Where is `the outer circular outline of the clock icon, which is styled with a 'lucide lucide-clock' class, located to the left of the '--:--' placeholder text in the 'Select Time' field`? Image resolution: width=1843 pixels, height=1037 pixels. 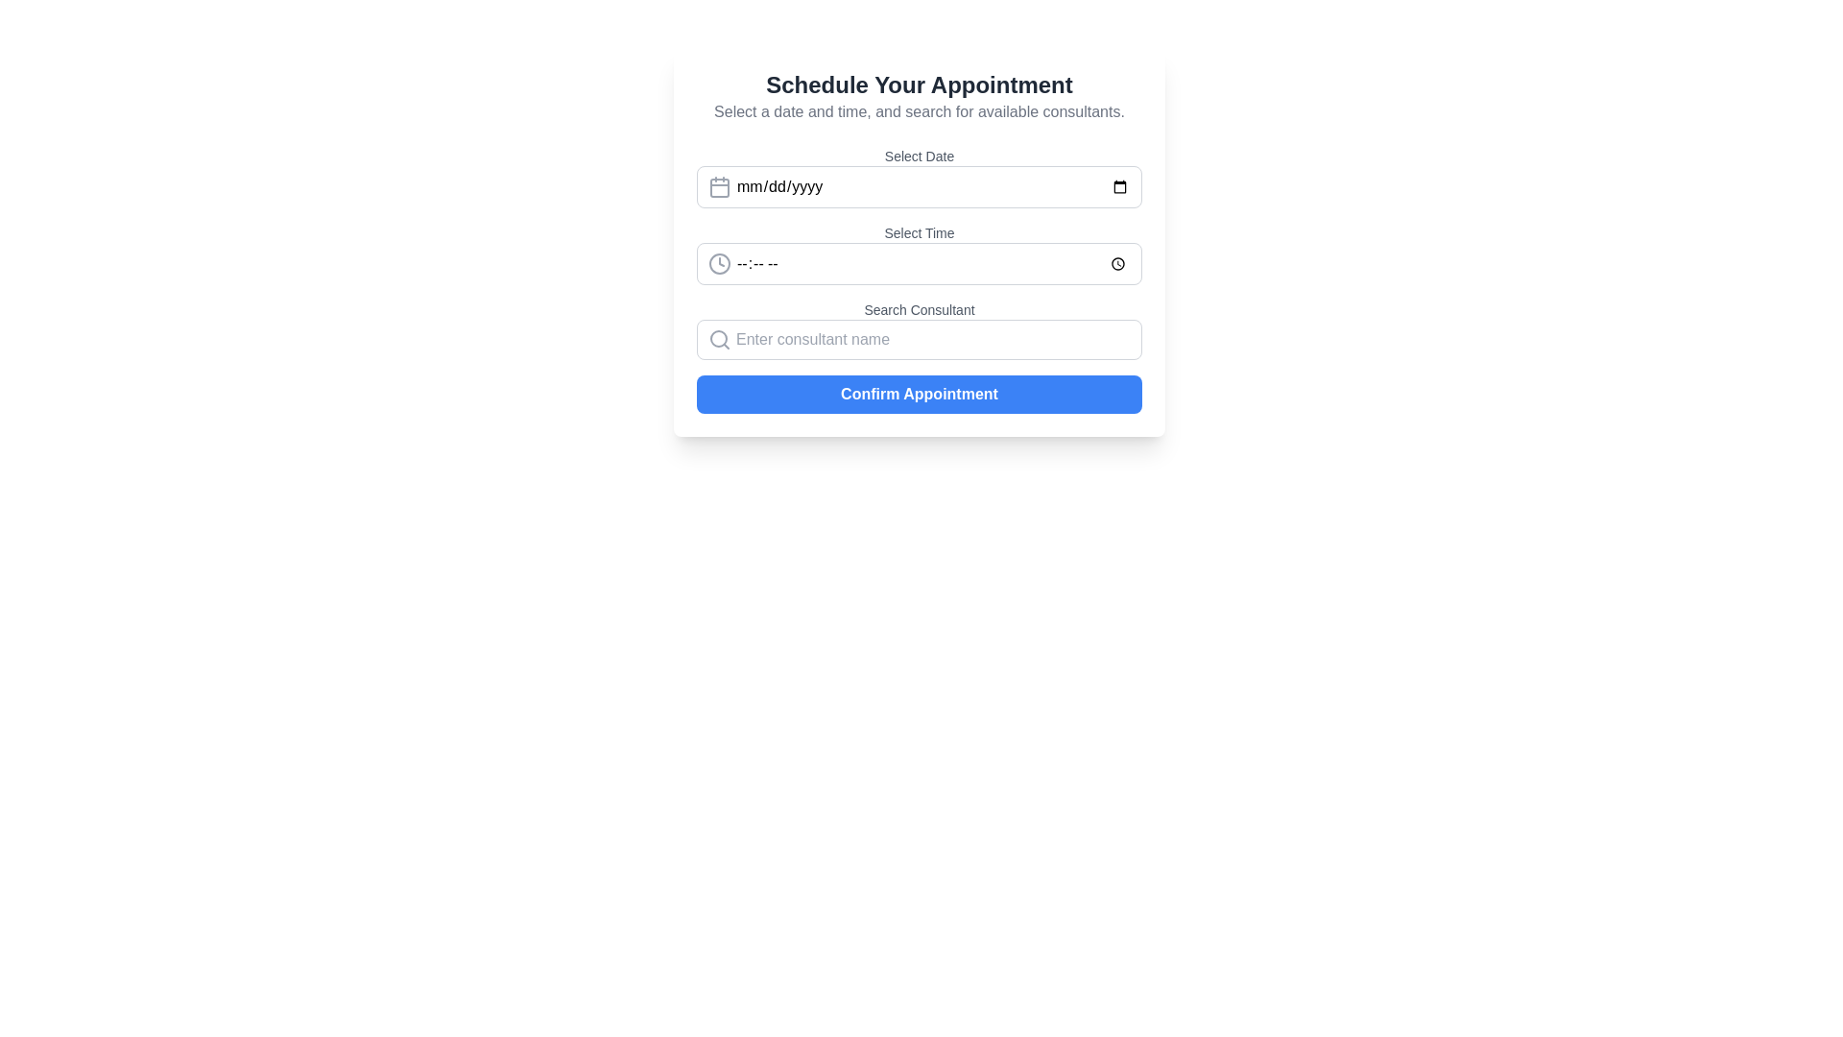 the outer circular outline of the clock icon, which is styled with a 'lucide lucide-clock' class, located to the left of the '--:--' placeholder text in the 'Select Time' field is located at coordinates (718, 263).